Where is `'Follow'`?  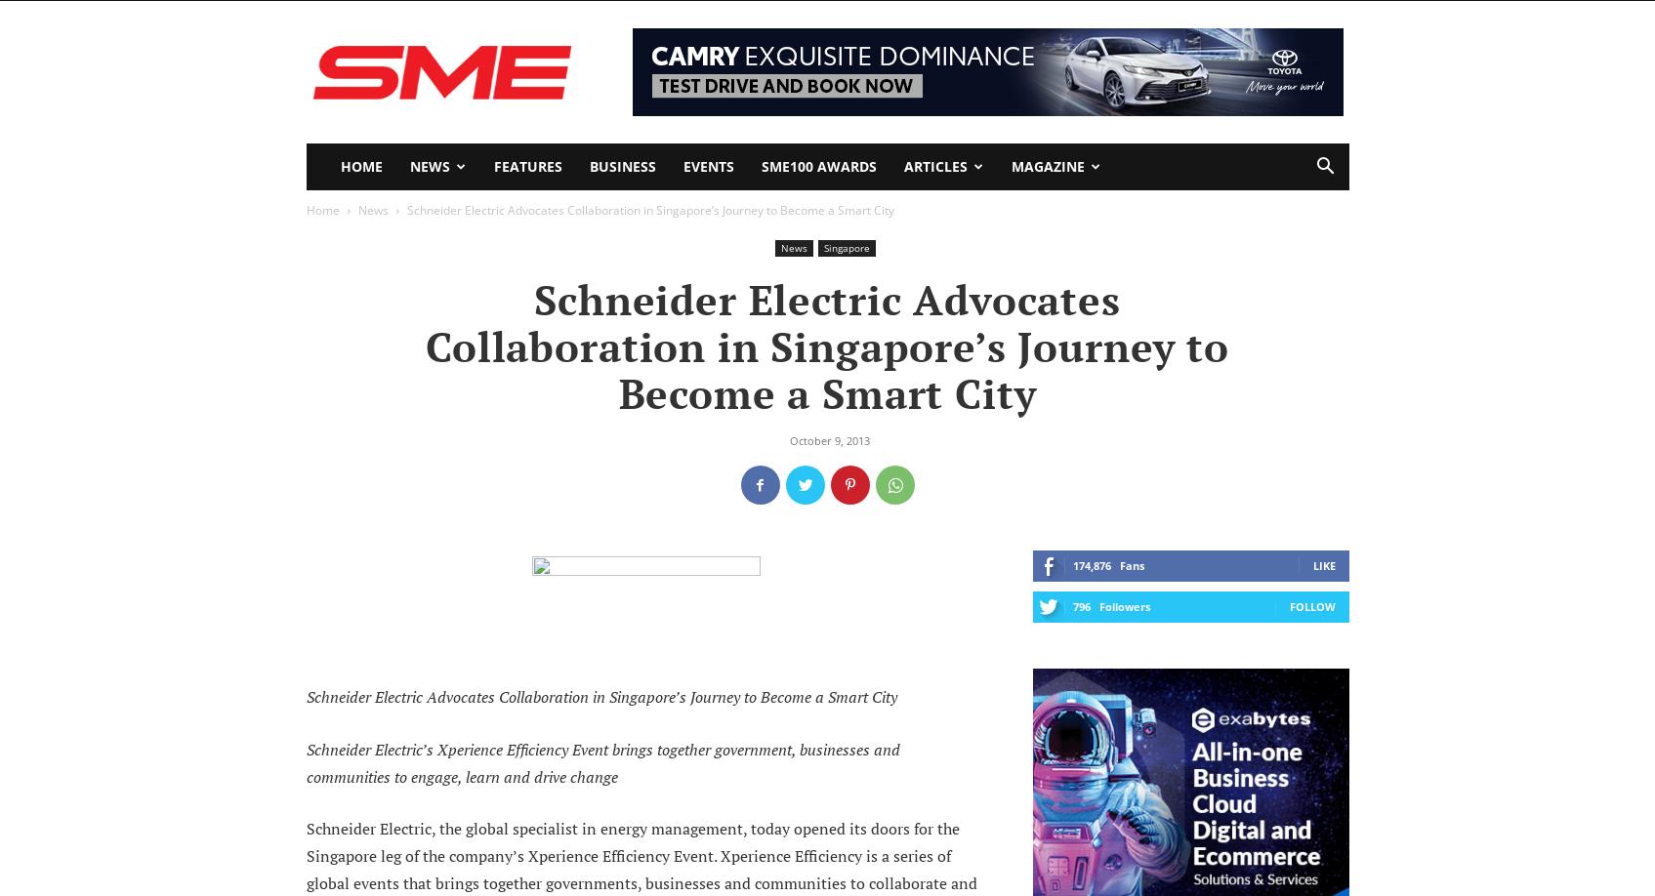
'Follow' is located at coordinates (1289, 606).